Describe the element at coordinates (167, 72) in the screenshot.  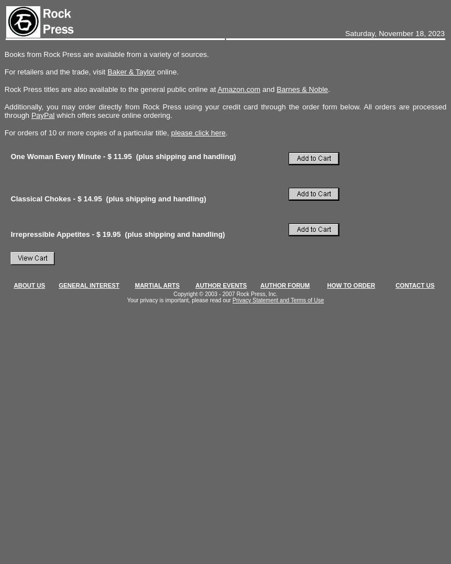
I see `'online.'` at that location.